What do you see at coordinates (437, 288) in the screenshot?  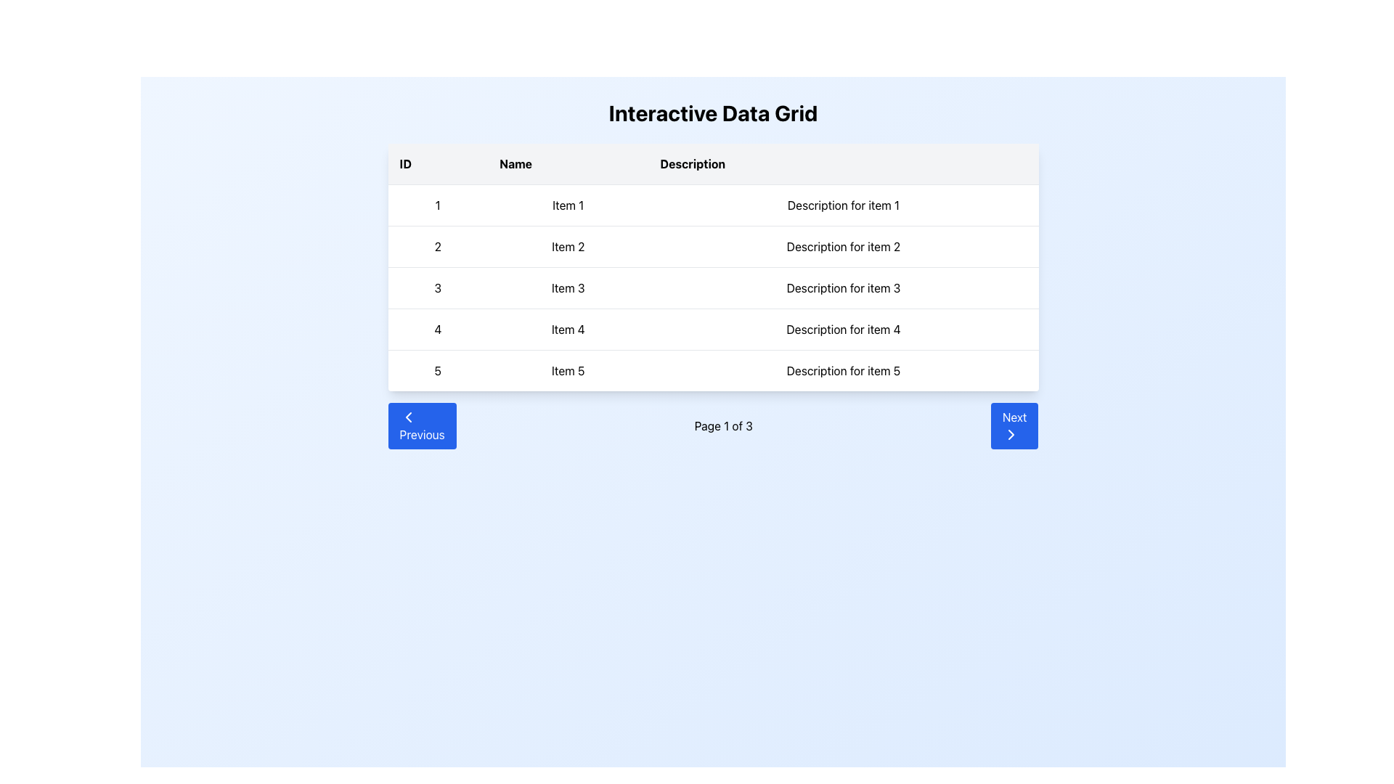 I see `the static text element labeled '3' in the ID column of the data grid, which identifies the third row corresponding to 'Item 3'` at bounding box center [437, 288].